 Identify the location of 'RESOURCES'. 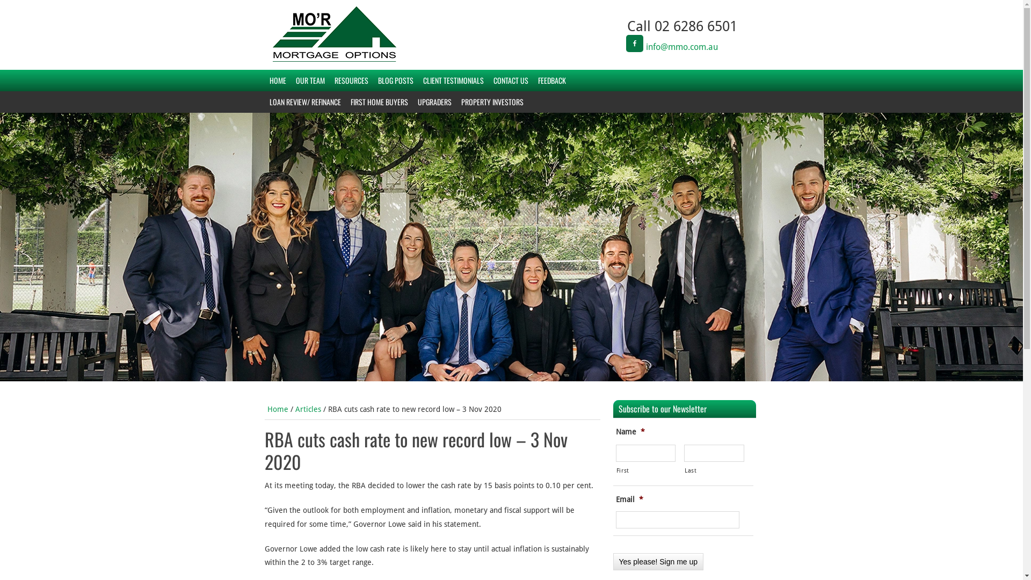
(351, 80).